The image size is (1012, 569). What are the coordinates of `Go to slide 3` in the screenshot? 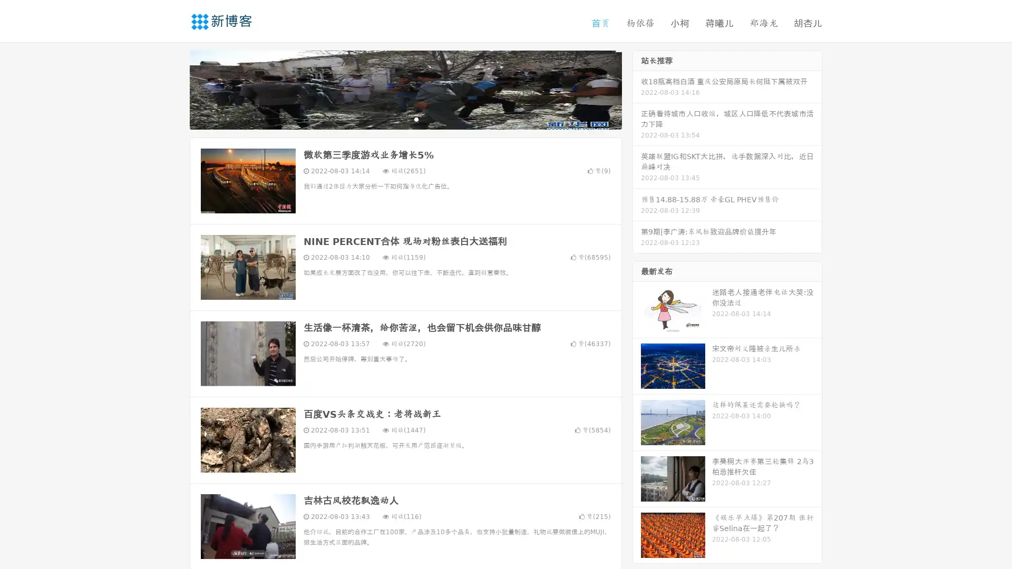 It's located at (416, 119).